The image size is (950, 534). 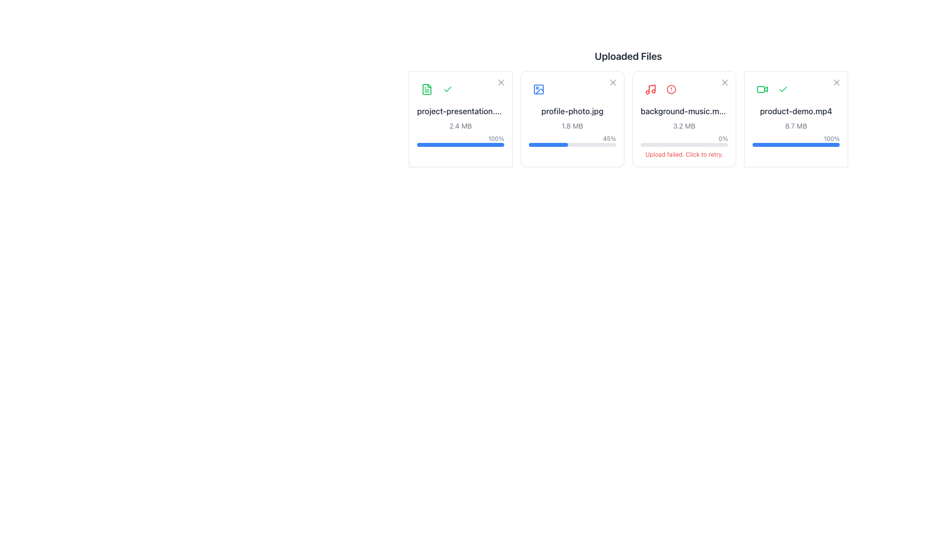 What do you see at coordinates (460, 145) in the screenshot?
I see `the progress bar located at the bottom of the card displaying the uploaded file, which is filled completely with a blue color` at bounding box center [460, 145].